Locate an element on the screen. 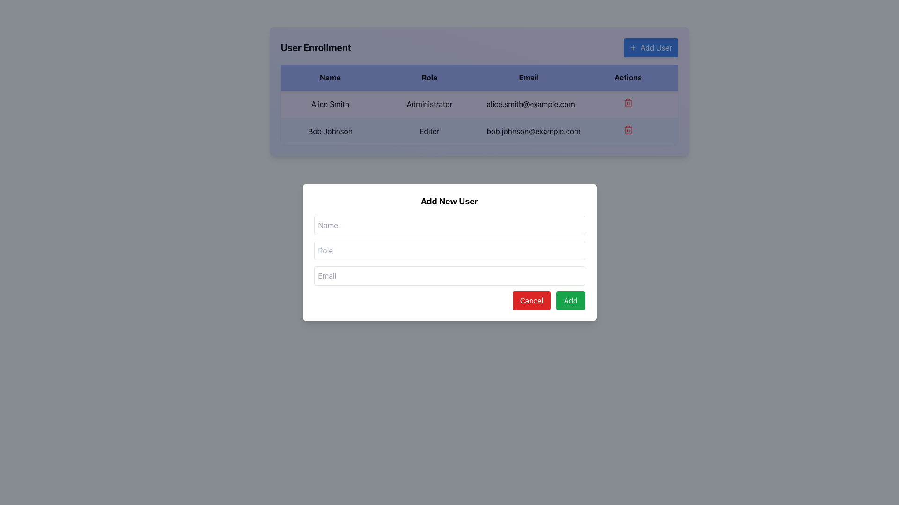 The height and width of the screenshot is (505, 899). data from the first row of the user table under the 'User Enrollment' section, which contains the user's name, role, and email address is located at coordinates (479, 104).